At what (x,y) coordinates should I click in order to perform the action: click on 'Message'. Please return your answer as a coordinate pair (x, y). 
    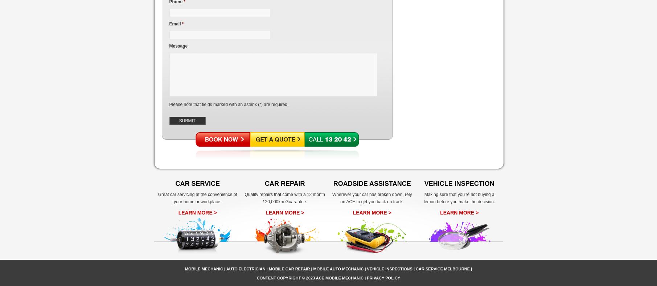
    Looking at the image, I should click on (169, 46).